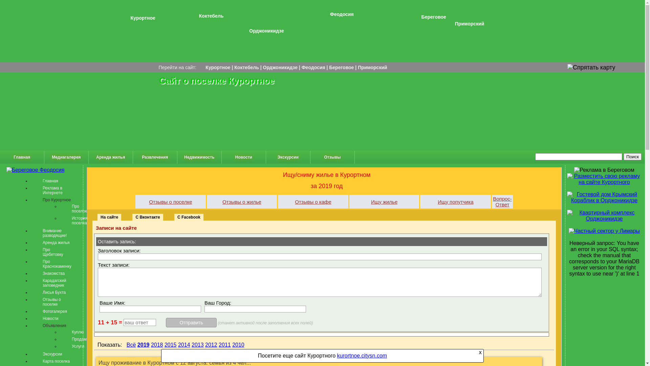  I want to click on '2015', so click(164, 345).